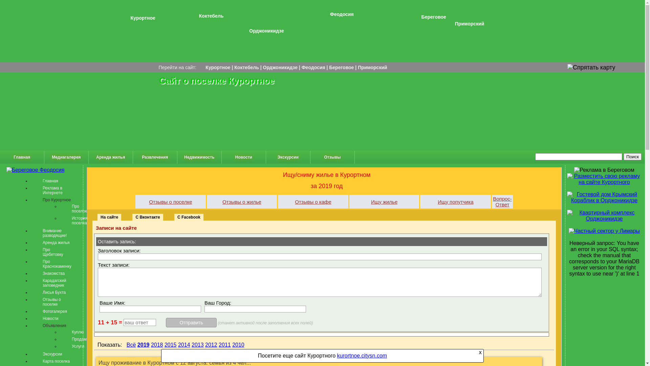  I want to click on '2015', so click(164, 345).